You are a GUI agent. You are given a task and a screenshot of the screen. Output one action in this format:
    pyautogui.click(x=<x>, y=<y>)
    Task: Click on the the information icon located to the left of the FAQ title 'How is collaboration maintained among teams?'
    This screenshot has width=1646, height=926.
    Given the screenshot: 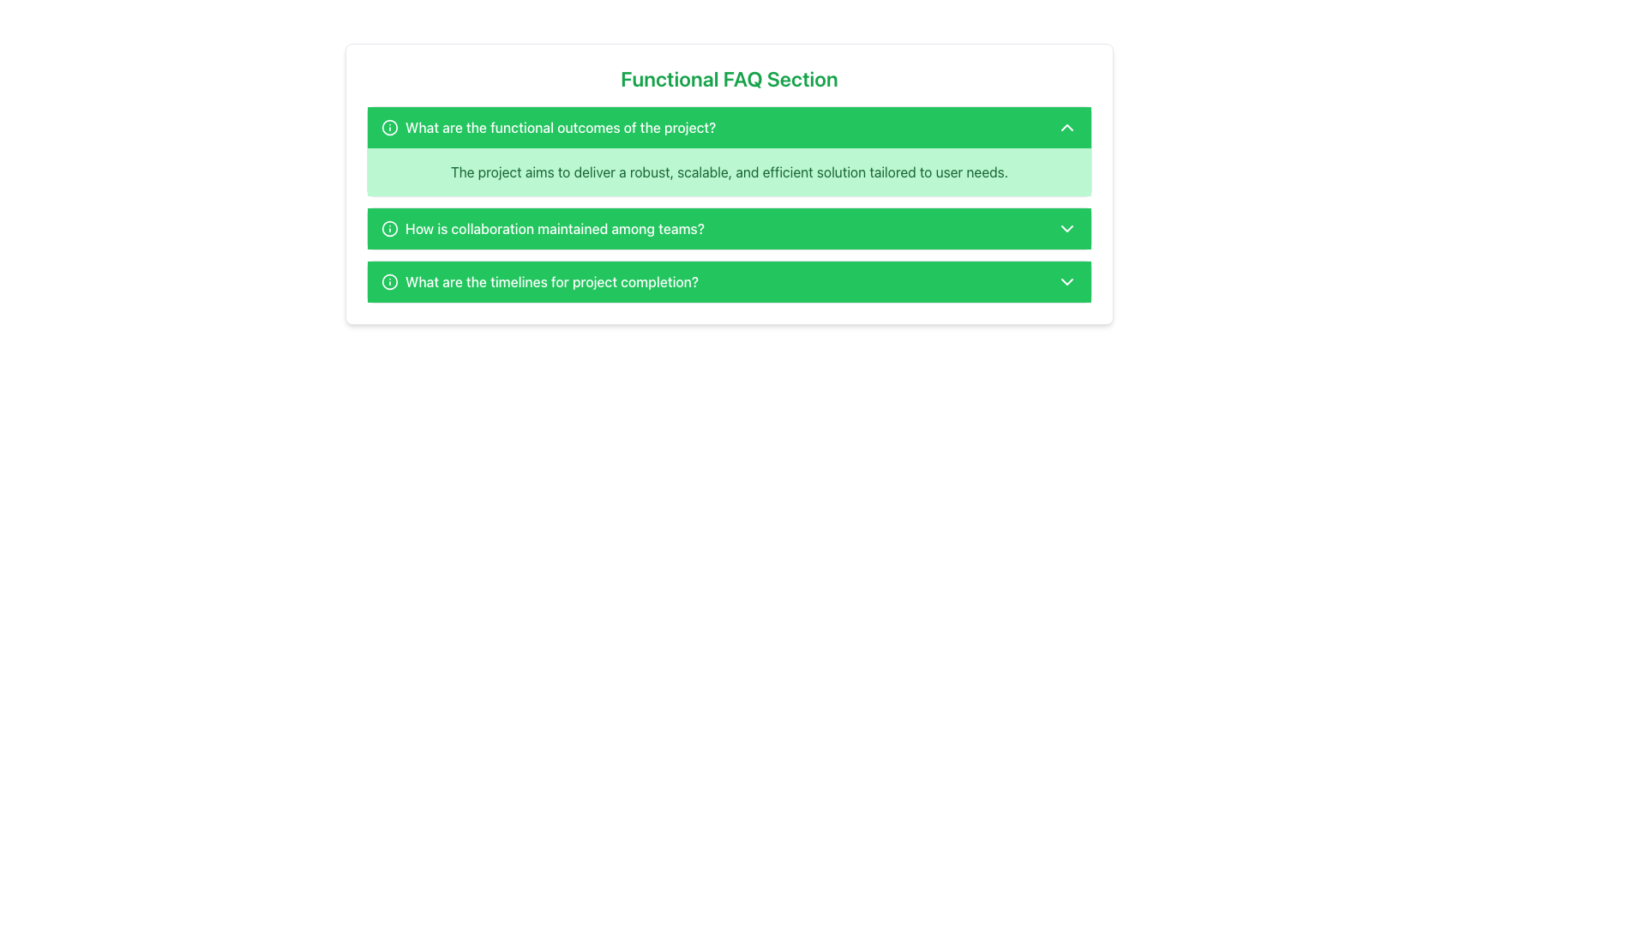 What is the action you would take?
    pyautogui.click(x=389, y=227)
    